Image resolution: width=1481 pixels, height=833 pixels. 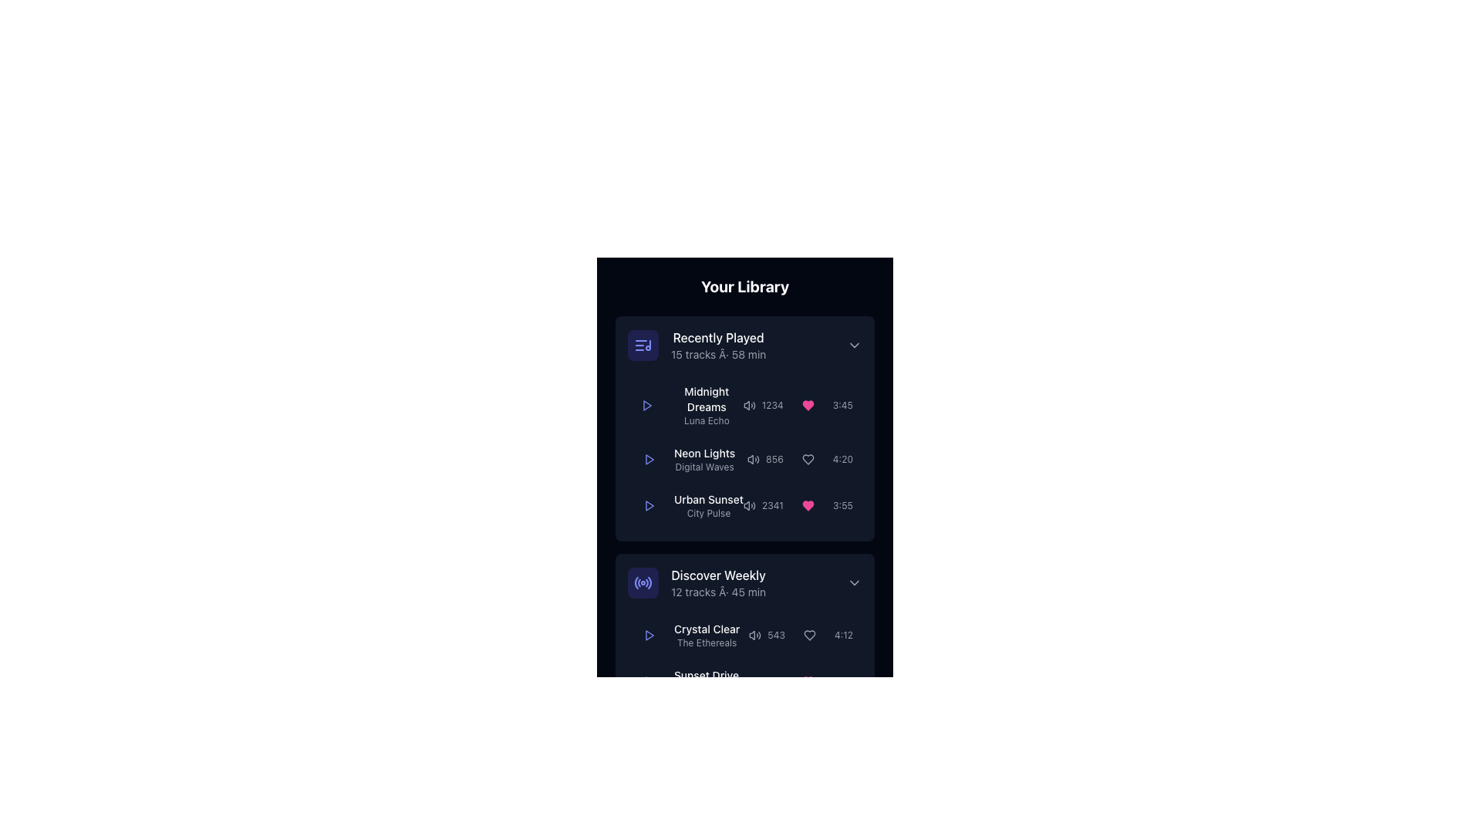 I want to click on the text label that indicates the artist or creator of the 'Midnight Dreams' item, located below the 'Midnight Dreams' title in the 'Recently Played' section, so click(x=706, y=421).